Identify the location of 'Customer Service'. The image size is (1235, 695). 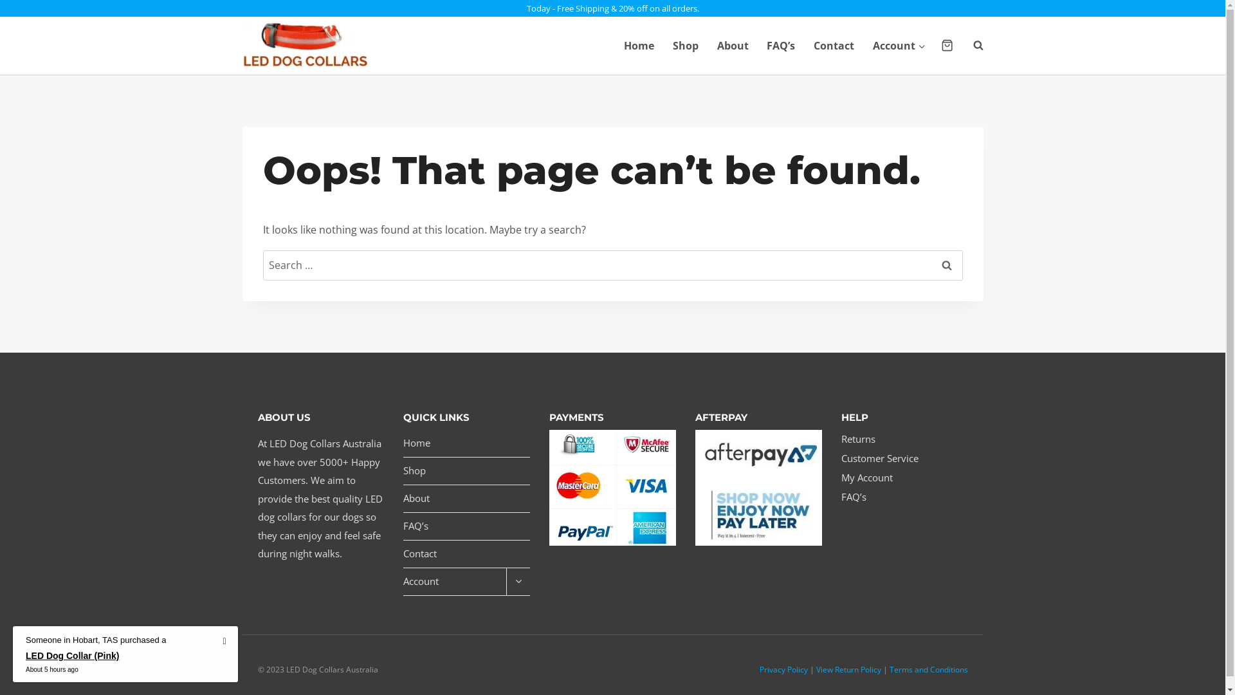
(904, 458).